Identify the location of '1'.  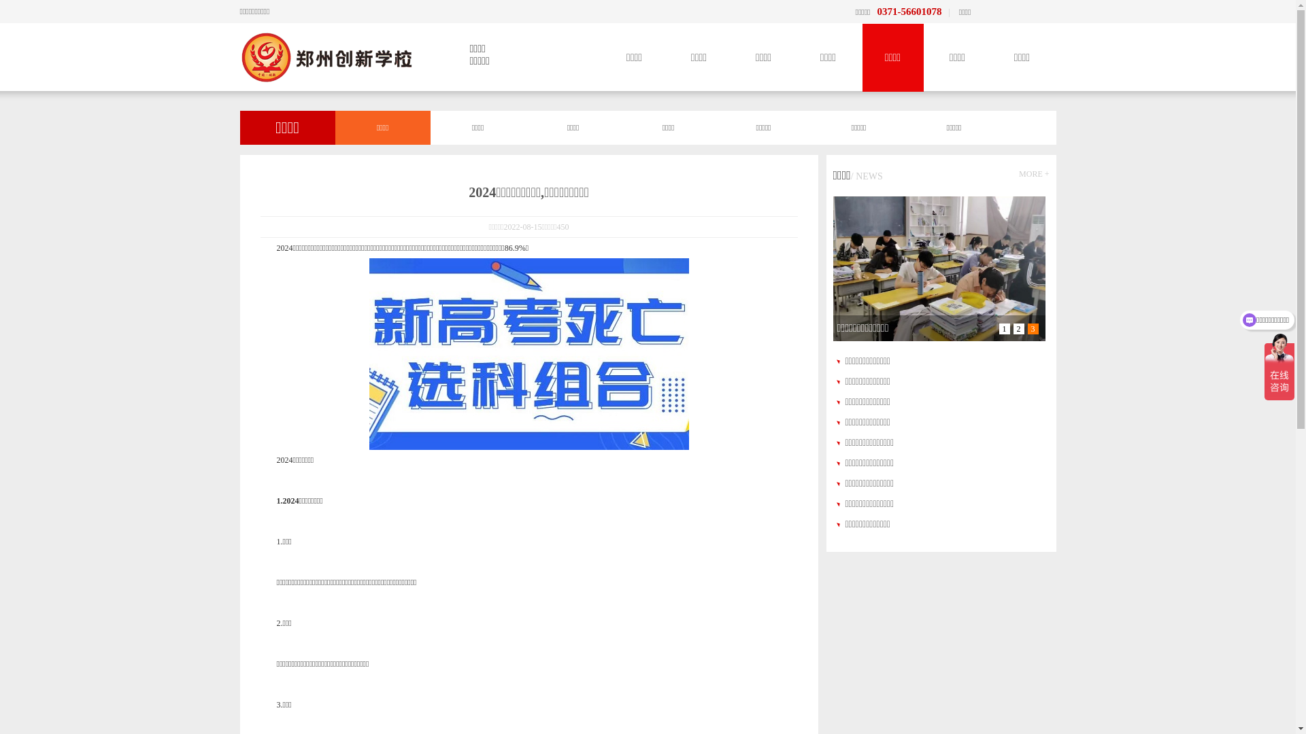
(1004, 328).